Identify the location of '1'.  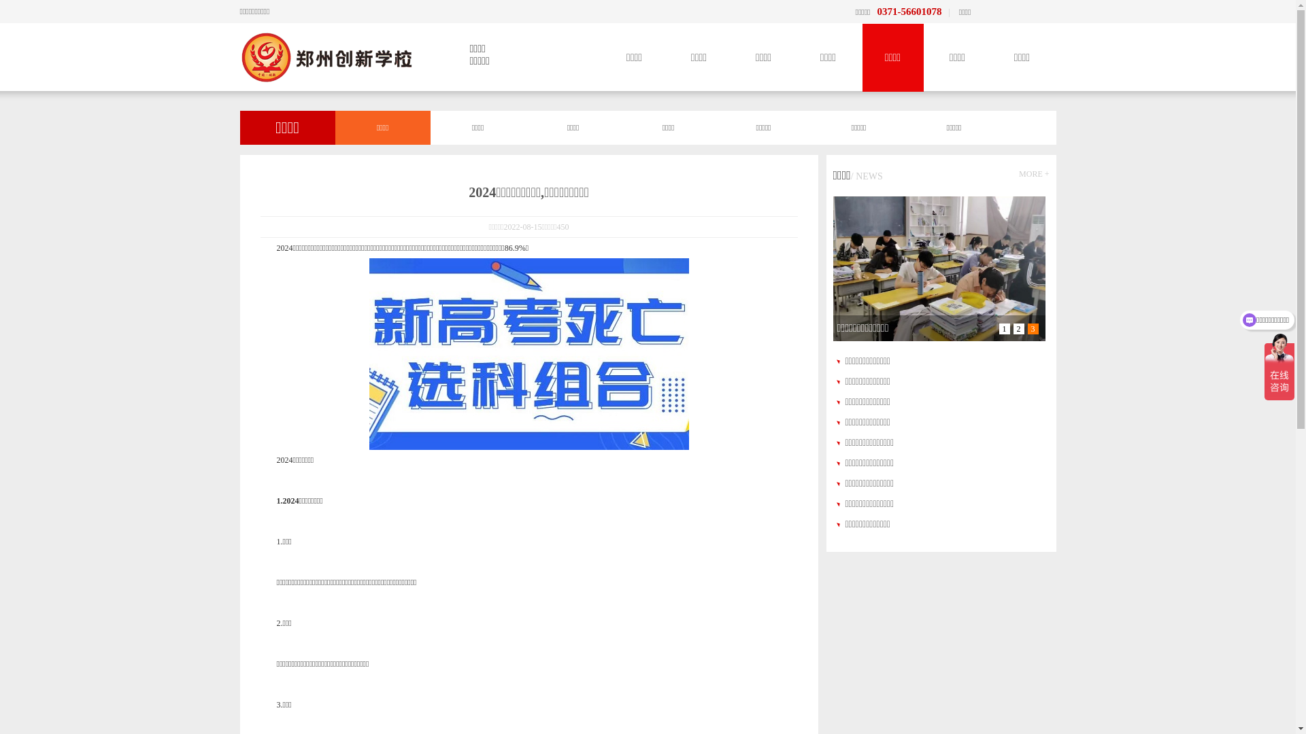
(1004, 328).